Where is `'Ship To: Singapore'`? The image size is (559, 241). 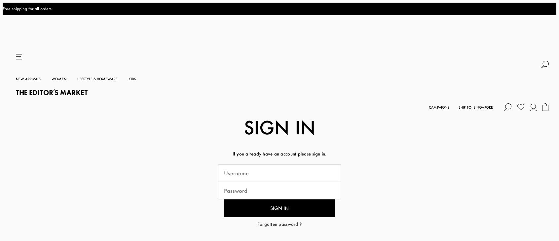 'Ship To: Singapore' is located at coordinates (475, 54).